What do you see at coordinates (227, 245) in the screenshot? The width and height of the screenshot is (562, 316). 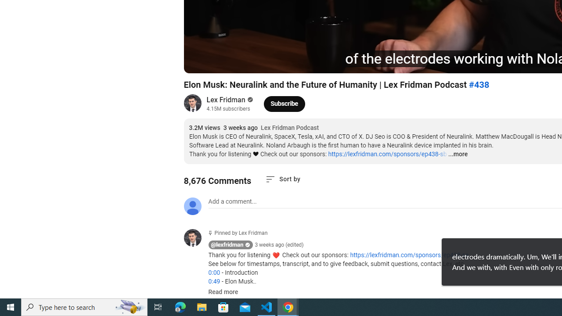 I see `'@lexfridman'` at bounding box center [227, 245].